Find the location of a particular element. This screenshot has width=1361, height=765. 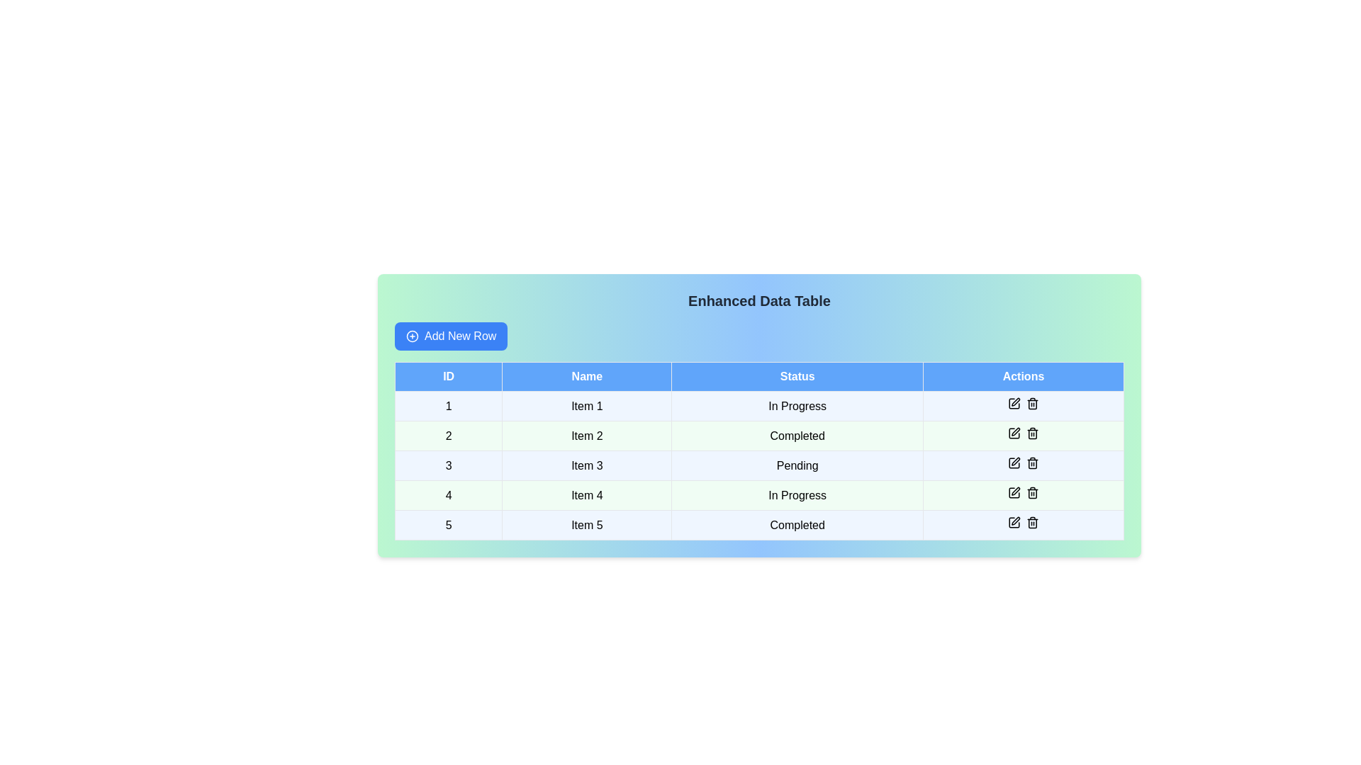

the 'edit' button represented by the pen icon in the 'Actions' column of the table row containing 'Item 2' under the 'Name' column is located at coordinates (1013, 433).